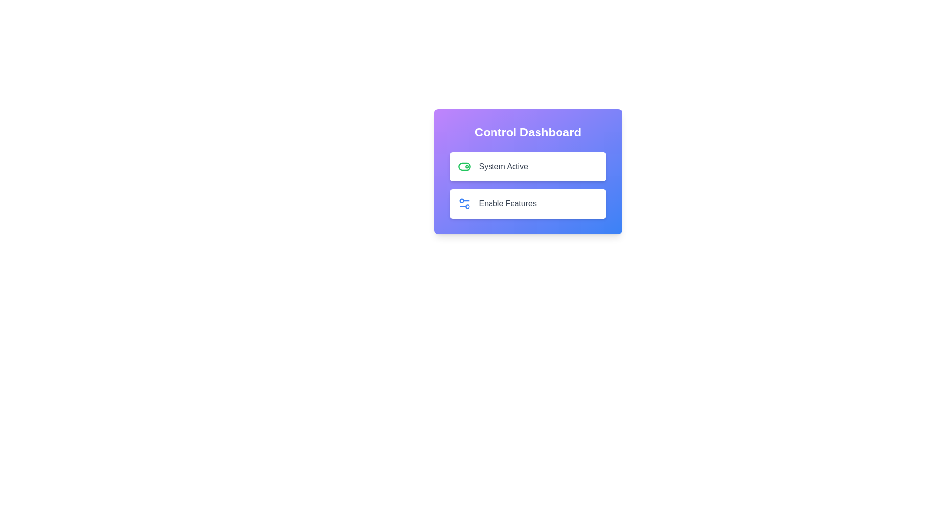 This screenshot has width=939, height=528. I want to click on icon next to 'Enable Features' to toggle the feature enablement, so click(464, 203).